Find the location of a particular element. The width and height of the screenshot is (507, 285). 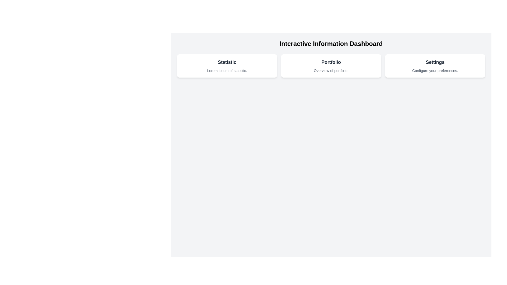

the card labeled 'Portfolio' to observe the hover effect is located at coordinates (331, 66).